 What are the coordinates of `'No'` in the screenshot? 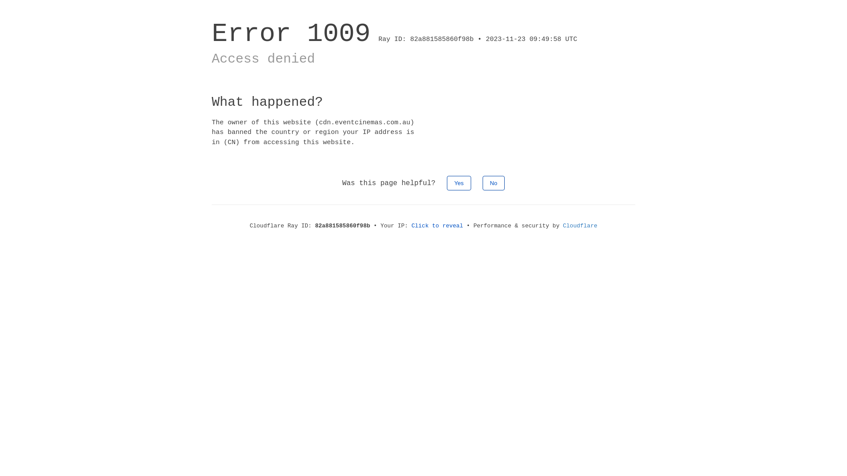 It's located at (482, 182).